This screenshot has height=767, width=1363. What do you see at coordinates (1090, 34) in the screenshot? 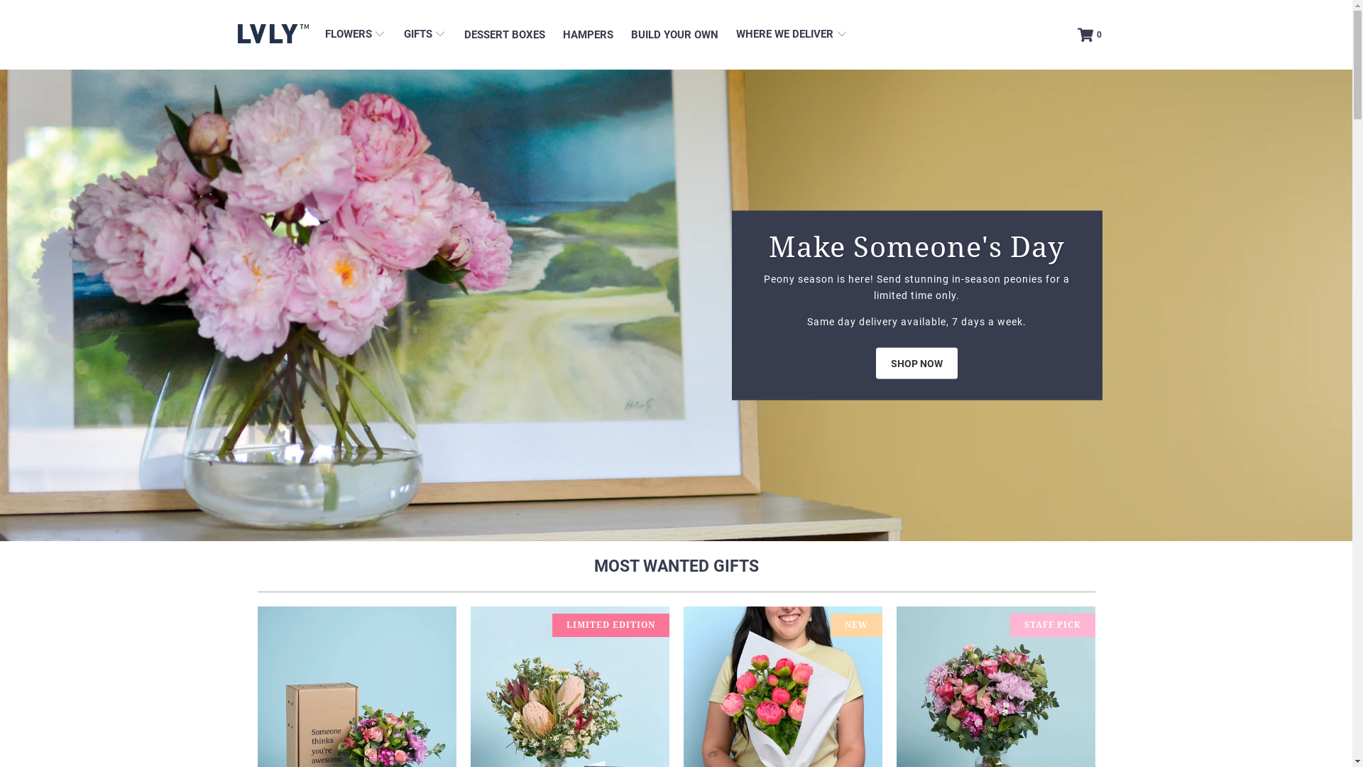
I see `'0'` at bounding box center [1090, 34].